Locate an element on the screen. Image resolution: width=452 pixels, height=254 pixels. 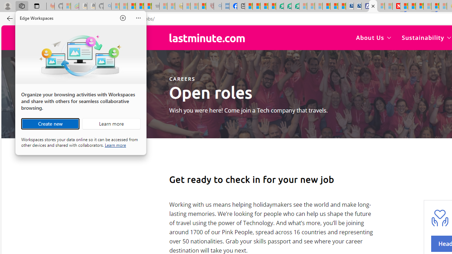
'Sustainability' is located at coordinates (426, 37).